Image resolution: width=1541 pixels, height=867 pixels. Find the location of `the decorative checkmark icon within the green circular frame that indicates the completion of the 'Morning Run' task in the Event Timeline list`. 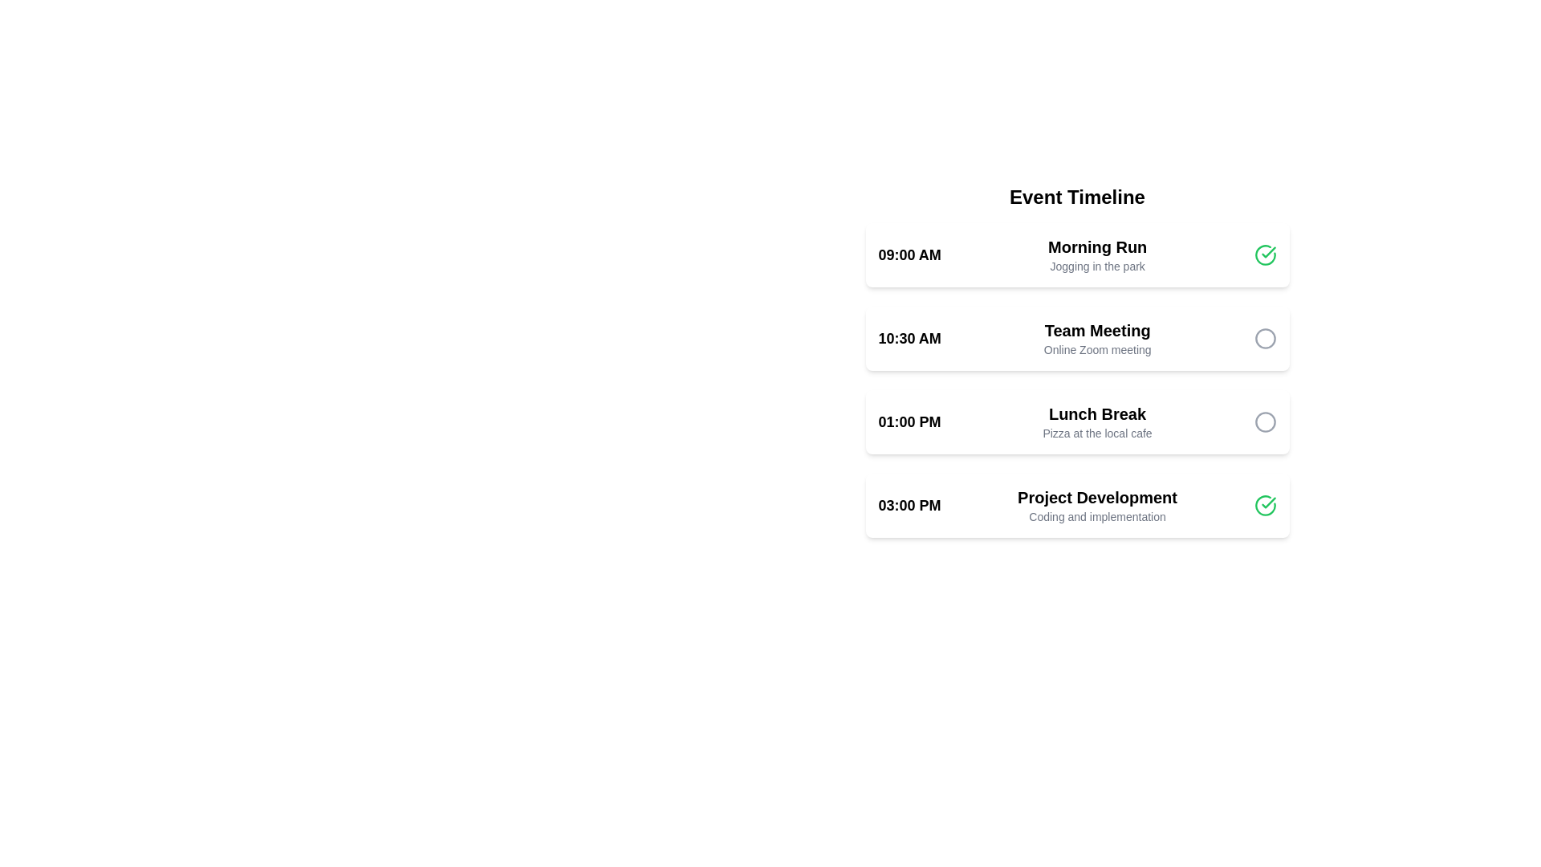

the decorative checkmark icon within the green circular frame that indicates the completion of the 'Morning Run' task in the Event Timeline list is located at coordinates (1267, 502).